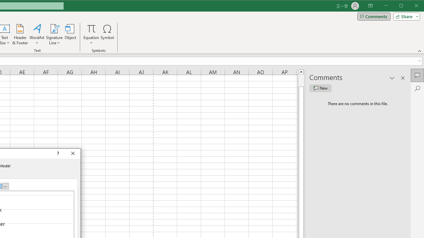  Describe the element at coordinates (91, 34) in the screenshot. I see `'Equation'` at that location.